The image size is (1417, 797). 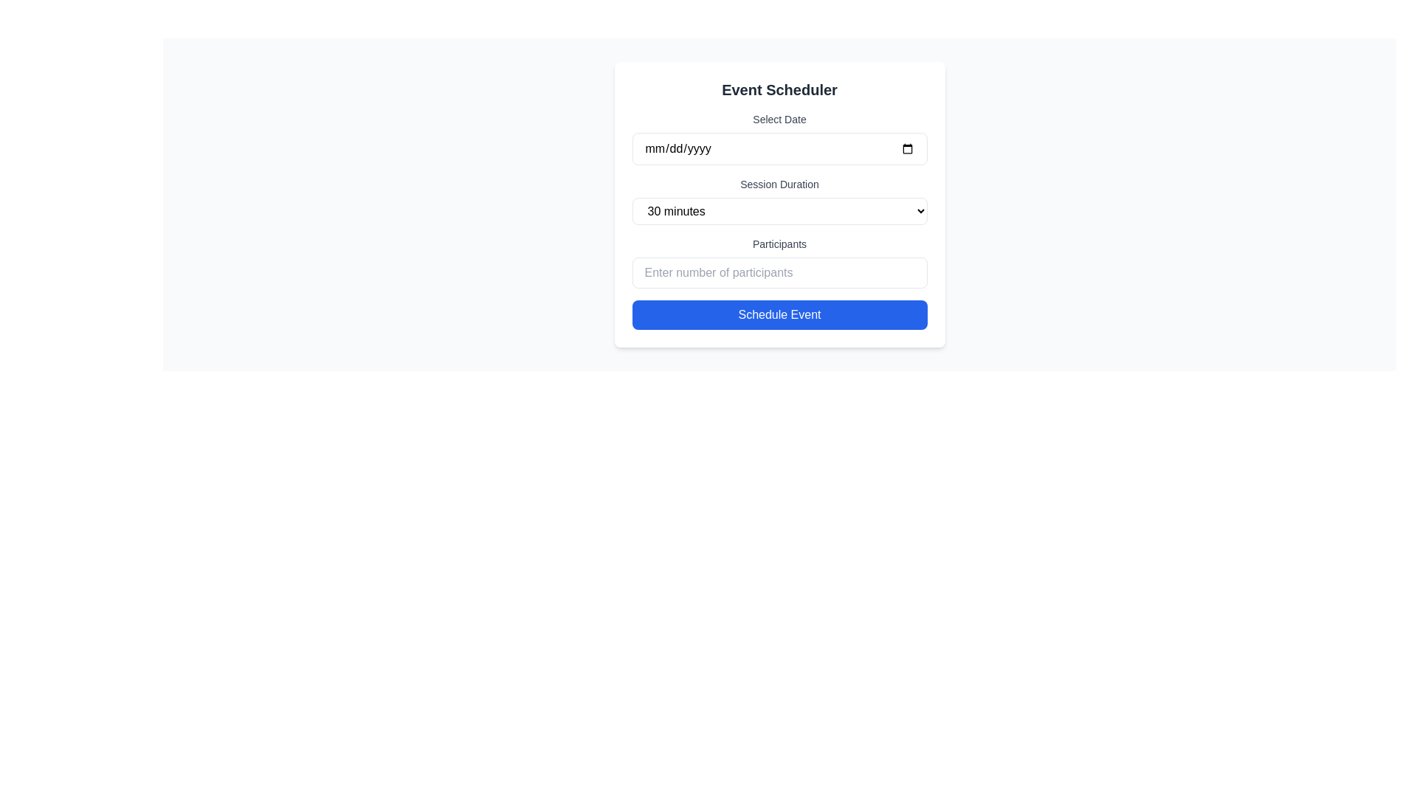 What do you see at coordinates (779, 90) in the screenshot?
I see `the text label stating 'Event Scheduler', which is prominently displayed at the top of a card-like component` at bounding box center [779, 90].